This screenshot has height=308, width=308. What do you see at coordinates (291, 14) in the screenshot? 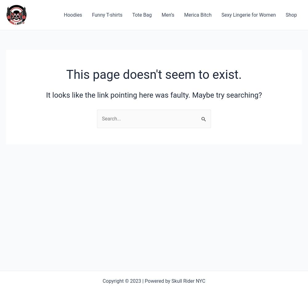
I see `'Shop'` at bounding box center [291, 14].